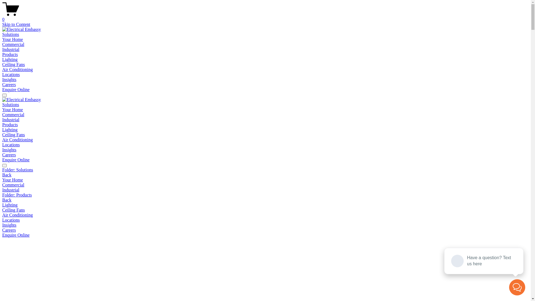 This screenshot has width=535, height=301. What do you see at coordinates (265, 169) in the screenshot?
I see `'Folder: Solutions'` at bounding box center [265, 169].